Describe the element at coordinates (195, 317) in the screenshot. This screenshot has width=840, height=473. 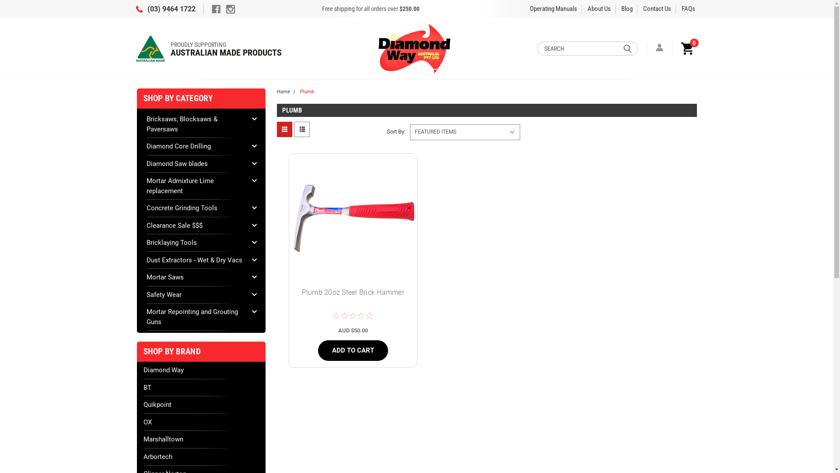
I see `'Mortar Repointing and Grouting Guns'` at that location.